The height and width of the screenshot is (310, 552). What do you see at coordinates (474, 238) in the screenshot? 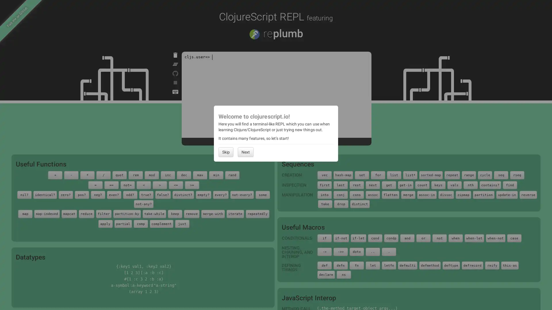
I see `when-let` at bounding box center [474, 238].